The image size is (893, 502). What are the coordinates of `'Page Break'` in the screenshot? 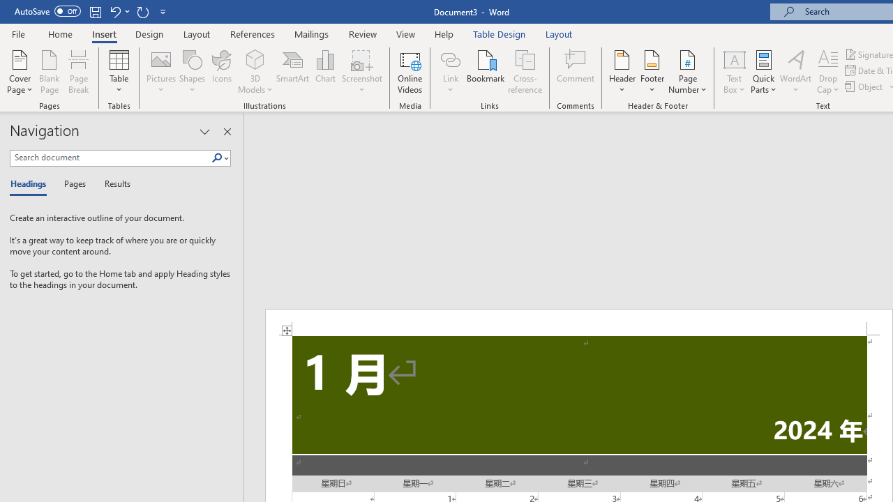 It's located at (78, 72).